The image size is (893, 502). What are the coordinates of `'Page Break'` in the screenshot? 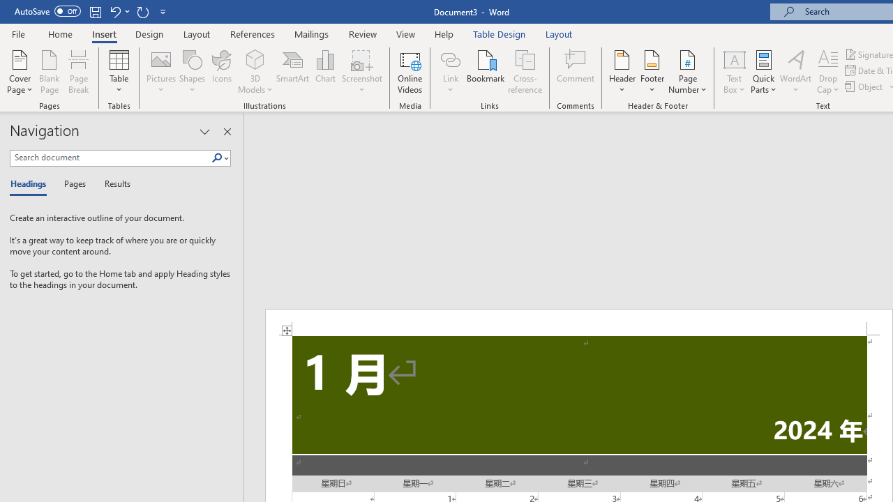 It's located at (78, 72).